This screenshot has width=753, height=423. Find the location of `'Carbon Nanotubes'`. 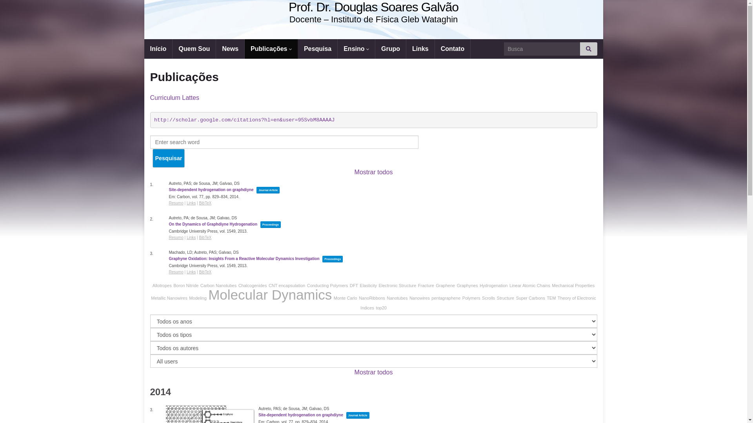

'Carbon Nanotubes' is located at coordinates (218, 286).